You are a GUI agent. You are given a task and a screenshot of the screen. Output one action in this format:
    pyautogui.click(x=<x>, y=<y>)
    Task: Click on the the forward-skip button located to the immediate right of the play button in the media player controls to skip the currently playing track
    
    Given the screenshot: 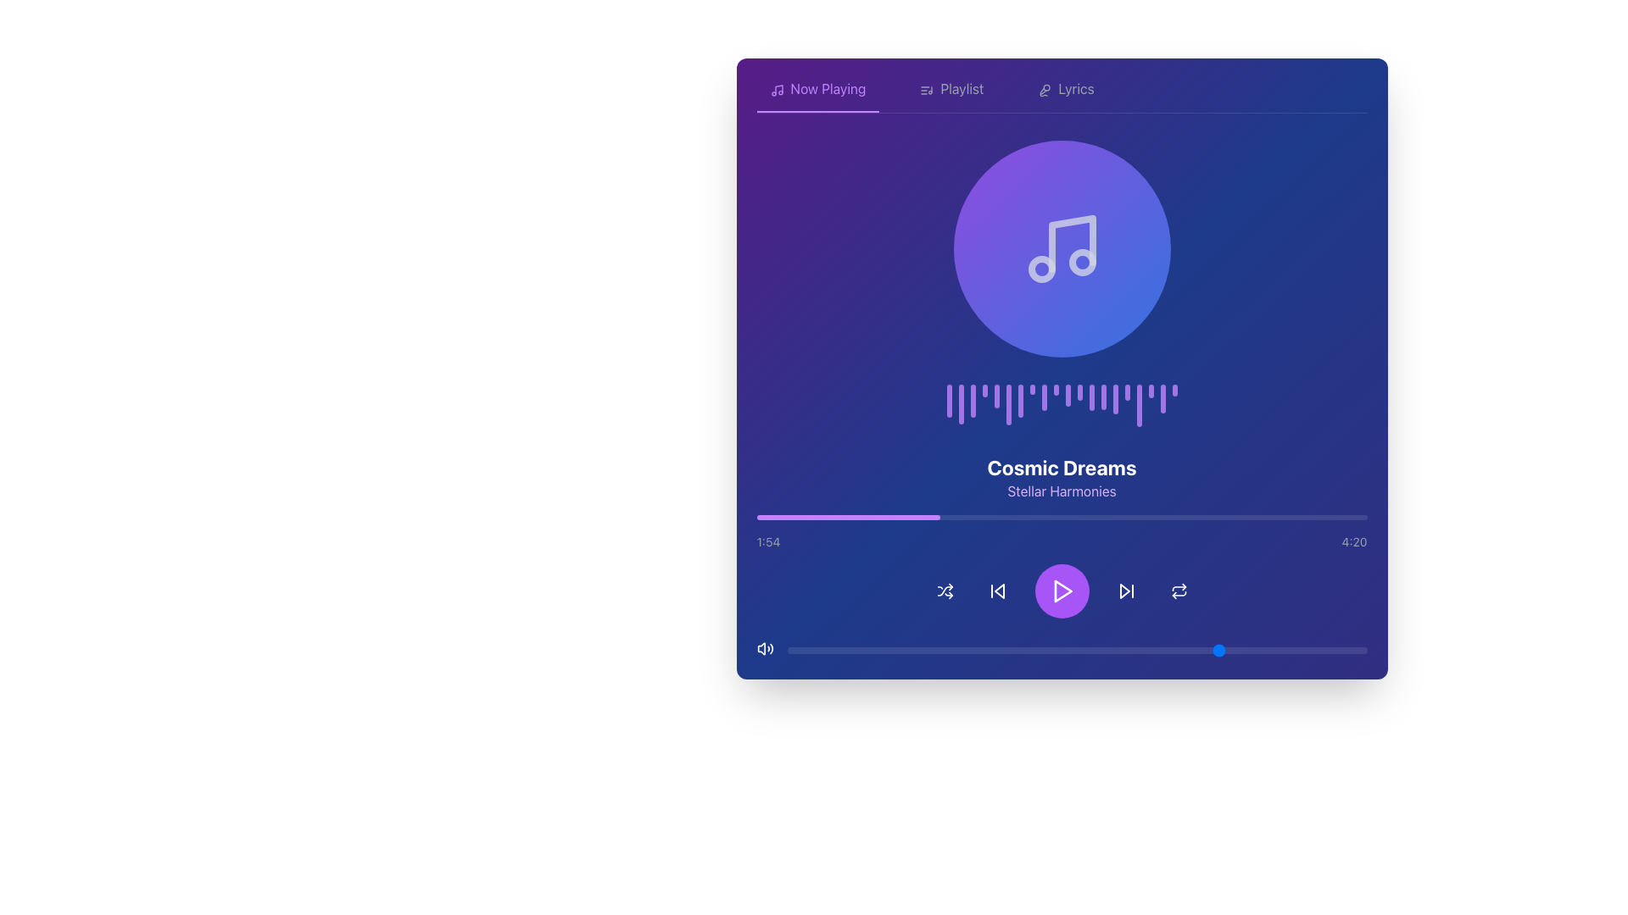 What is the action you would take?
    pyautogui.click(x=1124, y=591)
    